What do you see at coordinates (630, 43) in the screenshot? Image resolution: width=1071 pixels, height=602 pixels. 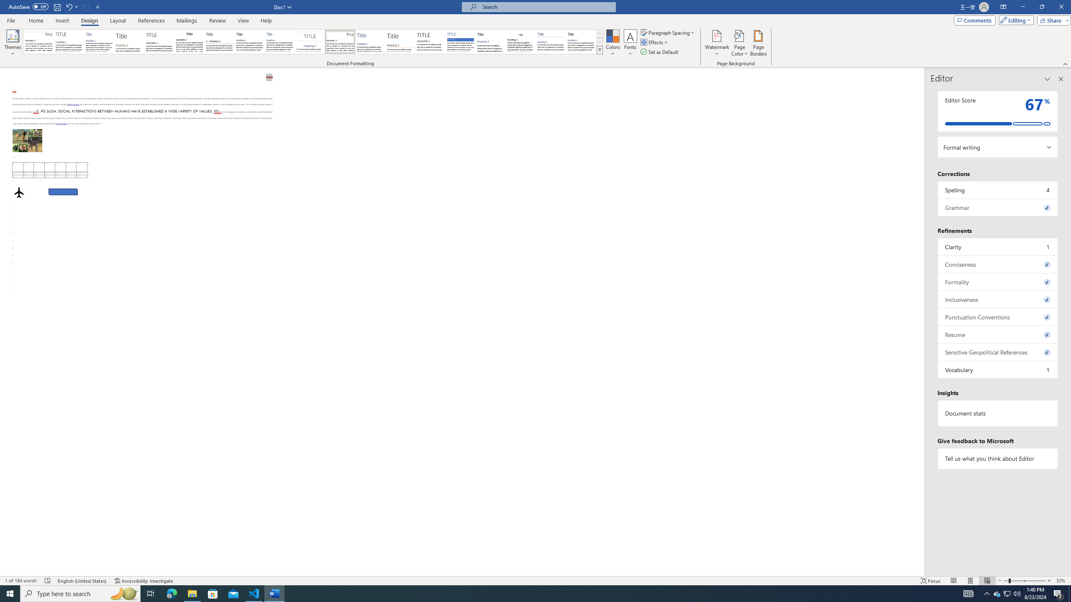 I see `'Fonts'` at bounding box center [630, 43].